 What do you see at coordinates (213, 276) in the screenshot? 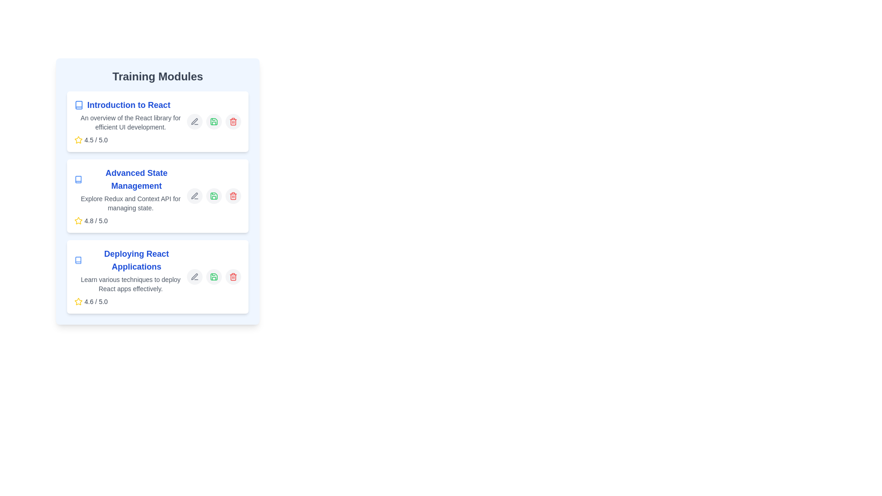
I see `the save button located in the third row of the list layout, positioned to the right of the row's primary text, as the second icon from the left among three icon buttons` at bounding box center [213, 276].